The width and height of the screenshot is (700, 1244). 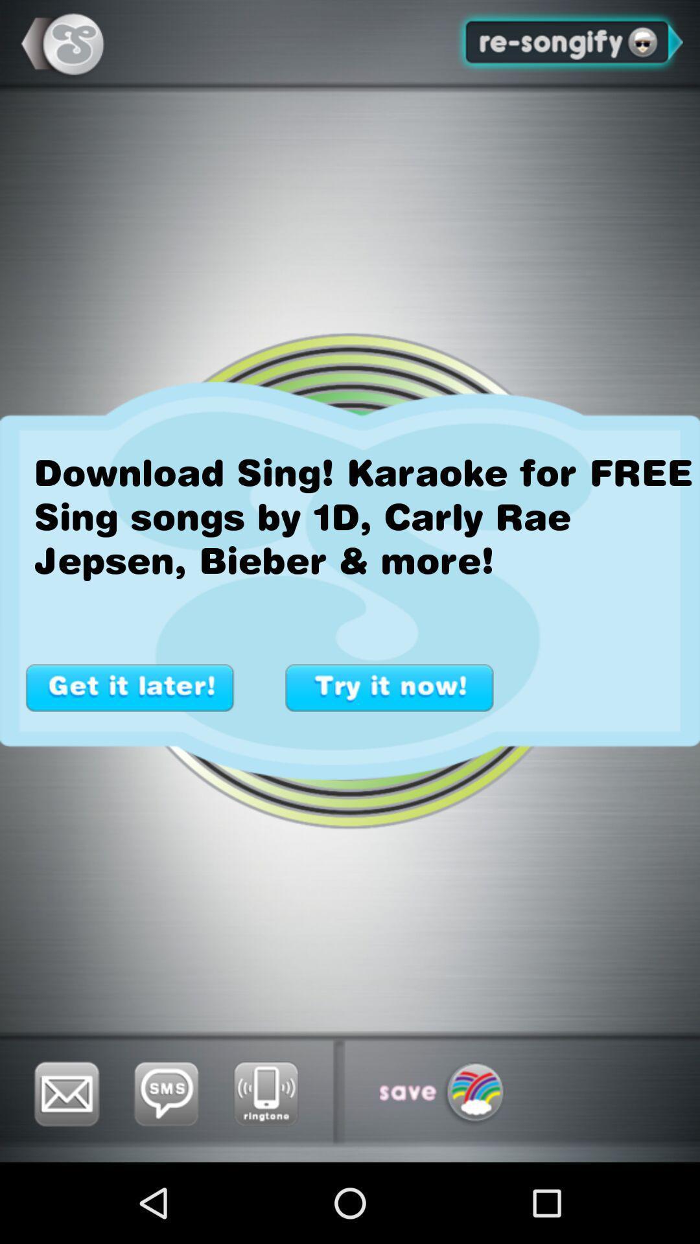 What do you see at coordinates (130, 687) in the screenshot?
I see `get it leter button` at bounding box center [130, 687].